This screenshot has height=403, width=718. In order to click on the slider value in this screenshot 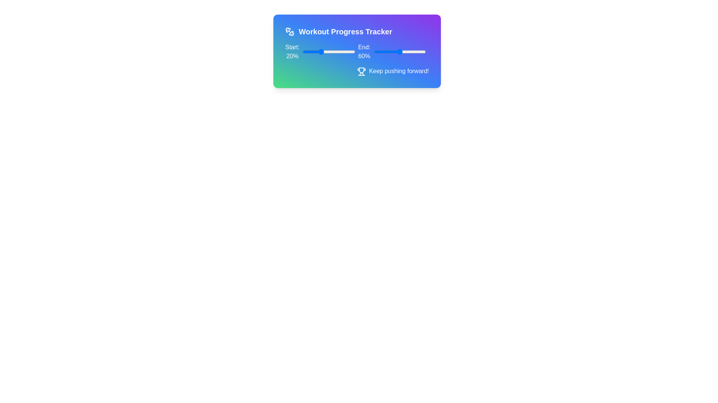, I will do `click(336, 51)`.